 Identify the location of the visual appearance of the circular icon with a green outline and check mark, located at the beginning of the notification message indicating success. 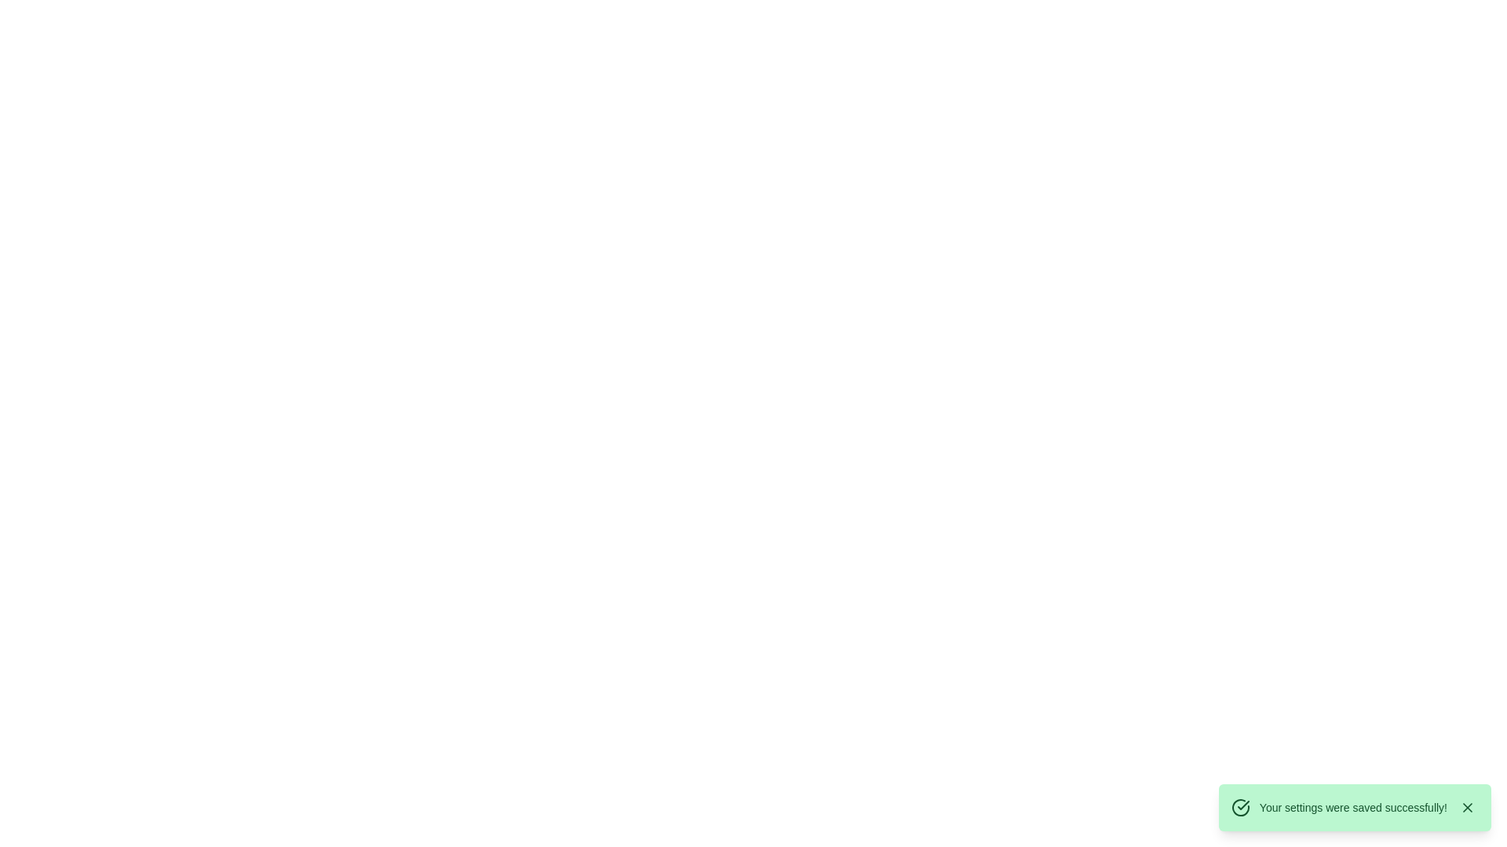
(1239, 807).